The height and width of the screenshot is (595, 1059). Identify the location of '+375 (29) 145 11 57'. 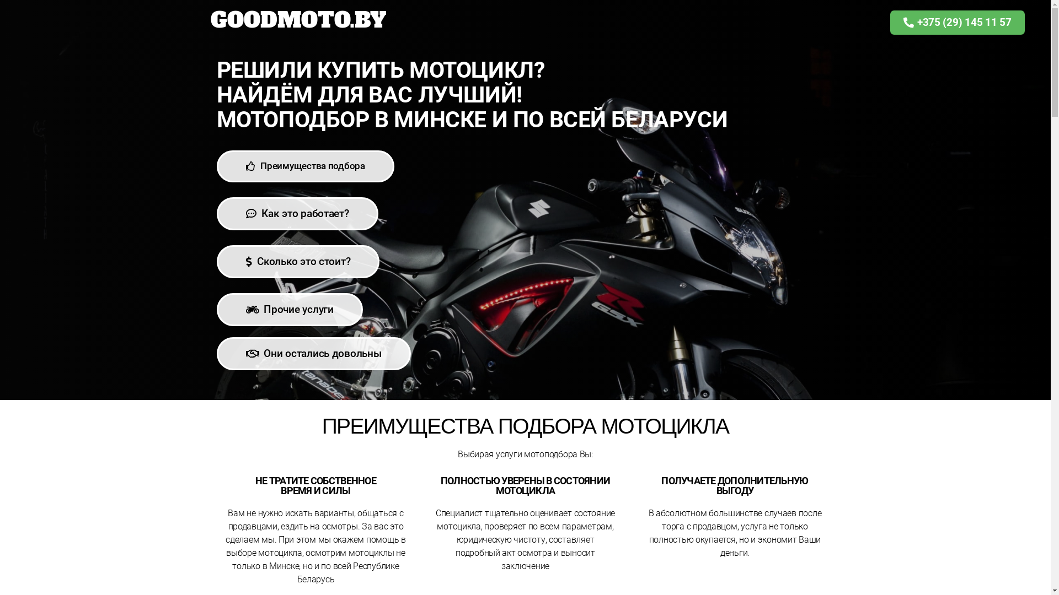
(890, 23).